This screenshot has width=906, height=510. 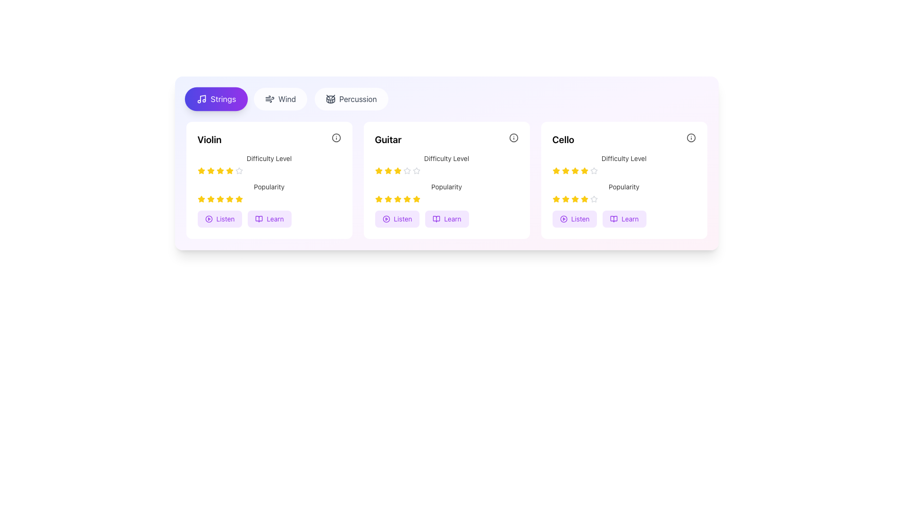 What do you see at coordinates (219, 171) in the screenshot?
I see `the fourth star in the rating visualization under the 'Difficulty Level' text in the 'Violin' card section` at bounding box center [219, 171].